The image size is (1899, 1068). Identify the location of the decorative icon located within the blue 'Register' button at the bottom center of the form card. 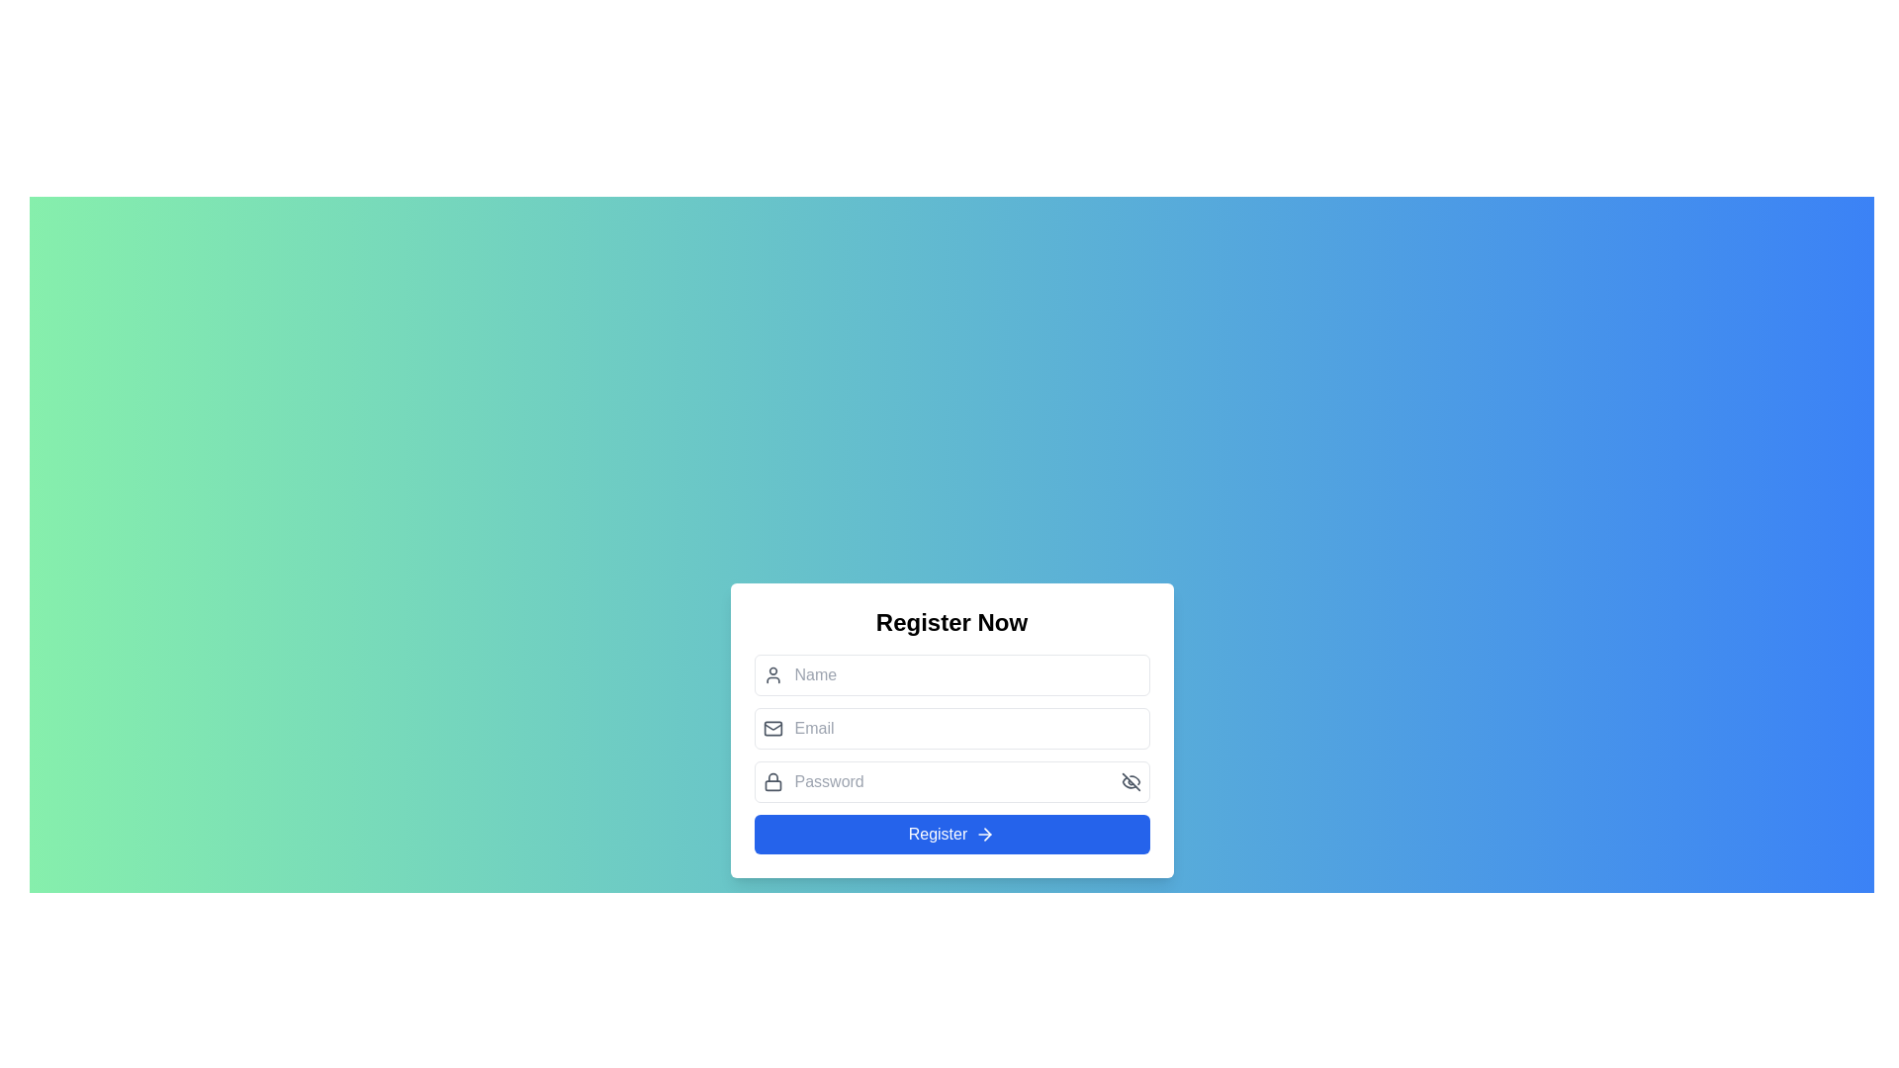
(985, 835).